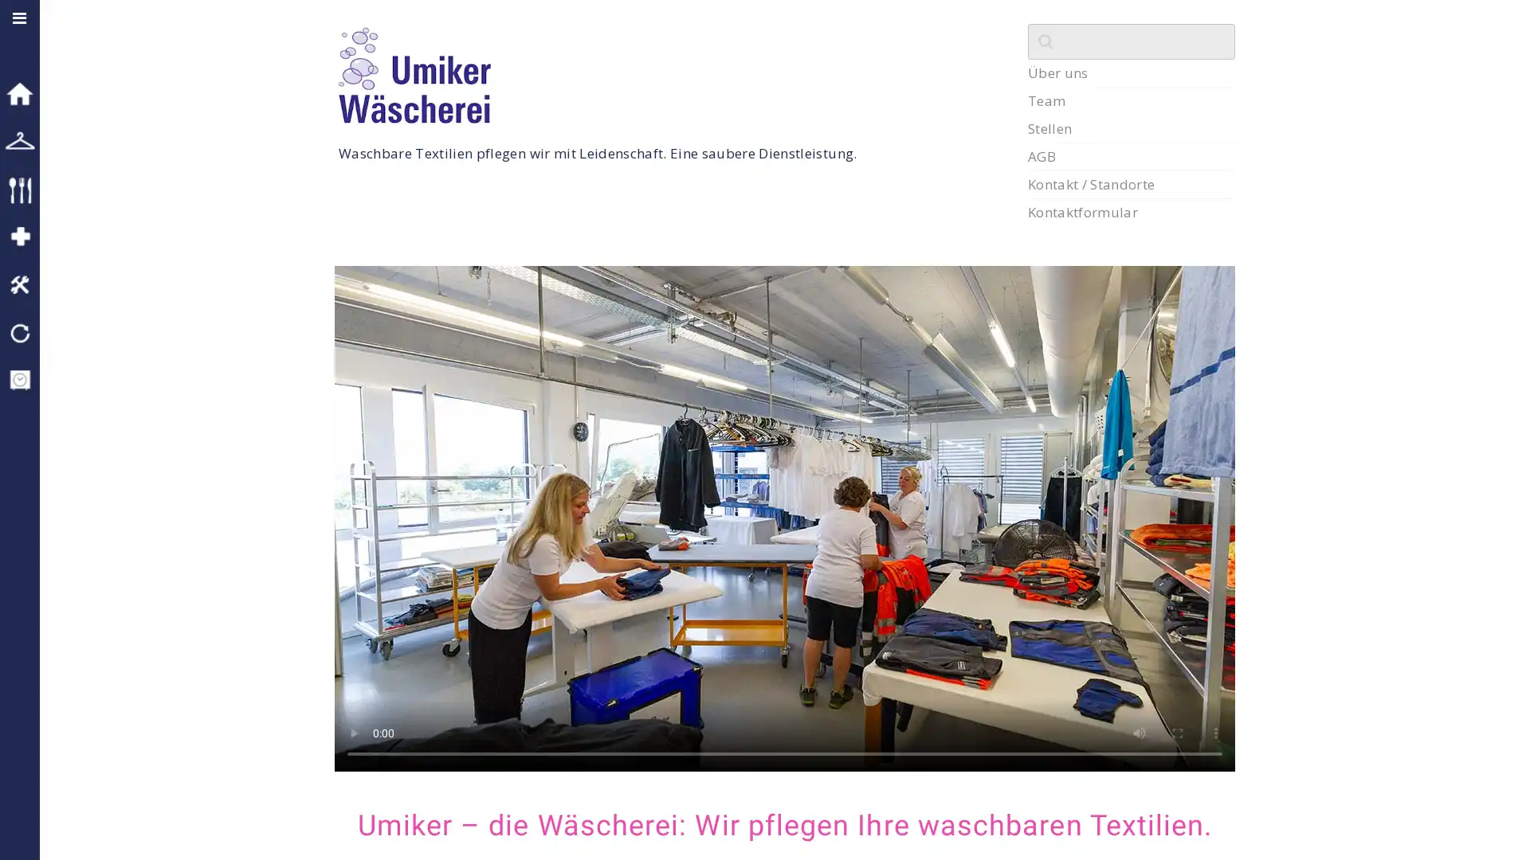  What do you see at coordinates (1178, 733) in the screenshot?
I see `enter full screen` at bounding box center [1178, 733].